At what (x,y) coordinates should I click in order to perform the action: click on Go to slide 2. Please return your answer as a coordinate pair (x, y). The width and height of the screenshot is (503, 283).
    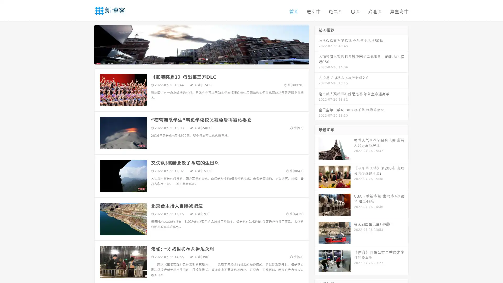
    Looking at the image, I should click on (201, 59).